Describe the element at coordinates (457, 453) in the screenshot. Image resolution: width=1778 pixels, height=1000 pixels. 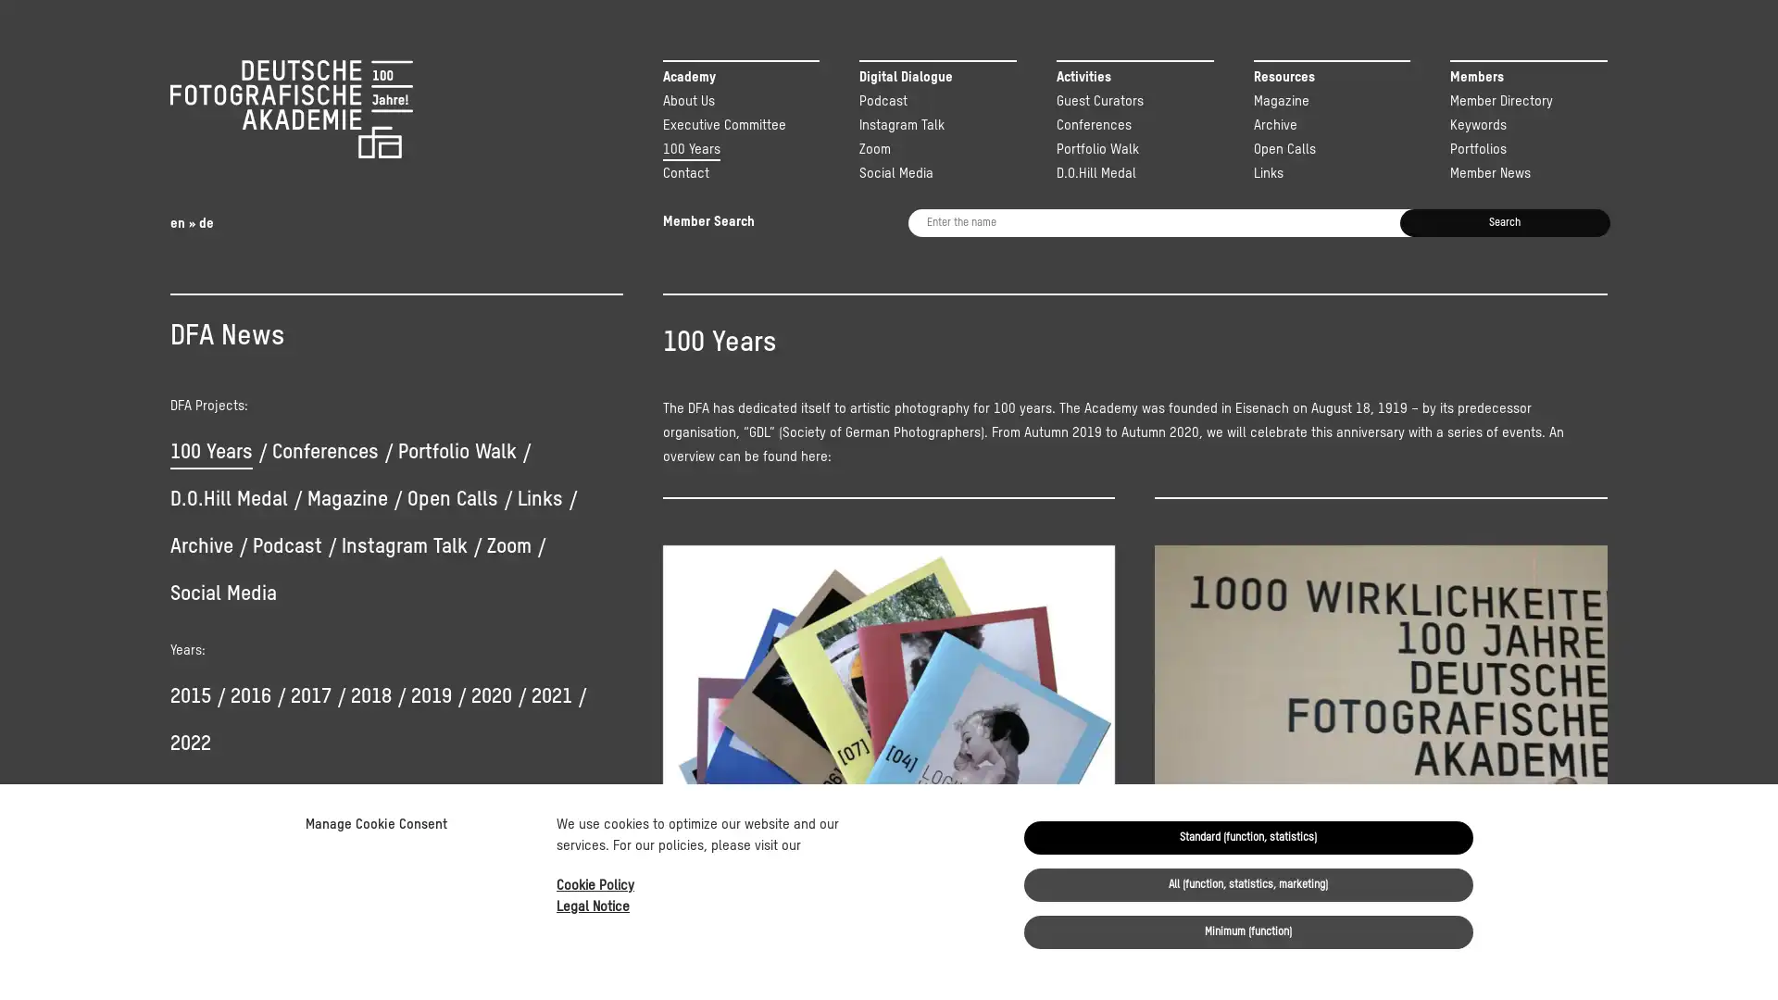
I see `Portfolio Walk` at that location.